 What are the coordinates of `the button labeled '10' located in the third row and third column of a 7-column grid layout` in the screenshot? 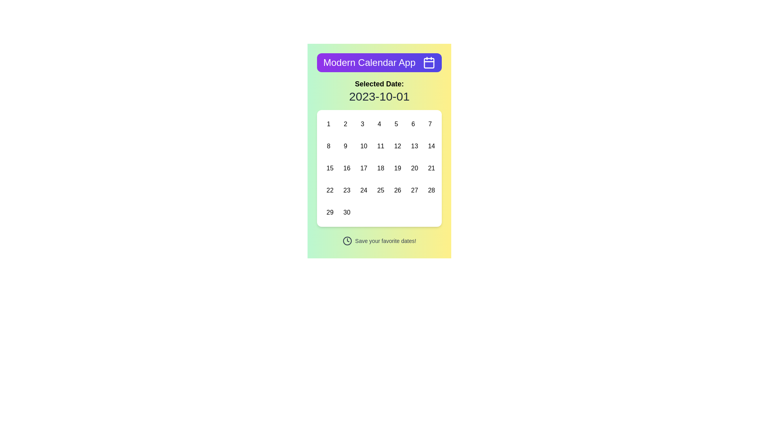 It's located at (362, 146).